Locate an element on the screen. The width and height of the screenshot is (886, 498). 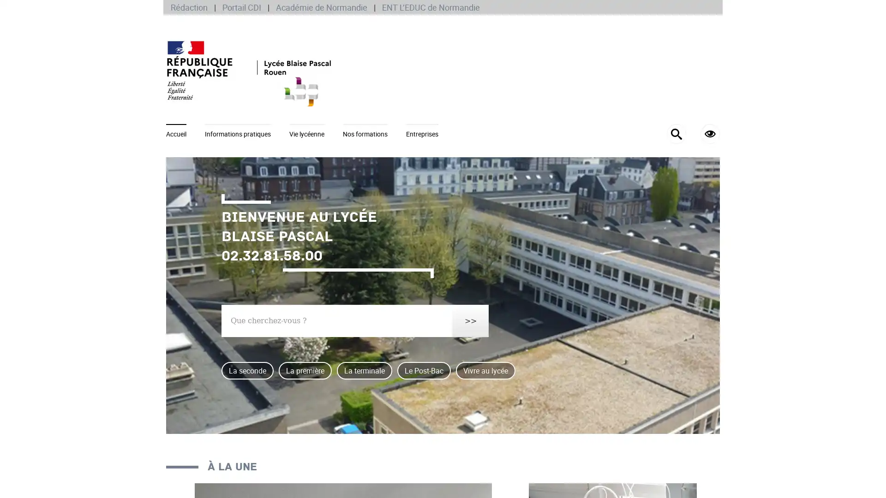
>> is located at coordinates (470, 320).